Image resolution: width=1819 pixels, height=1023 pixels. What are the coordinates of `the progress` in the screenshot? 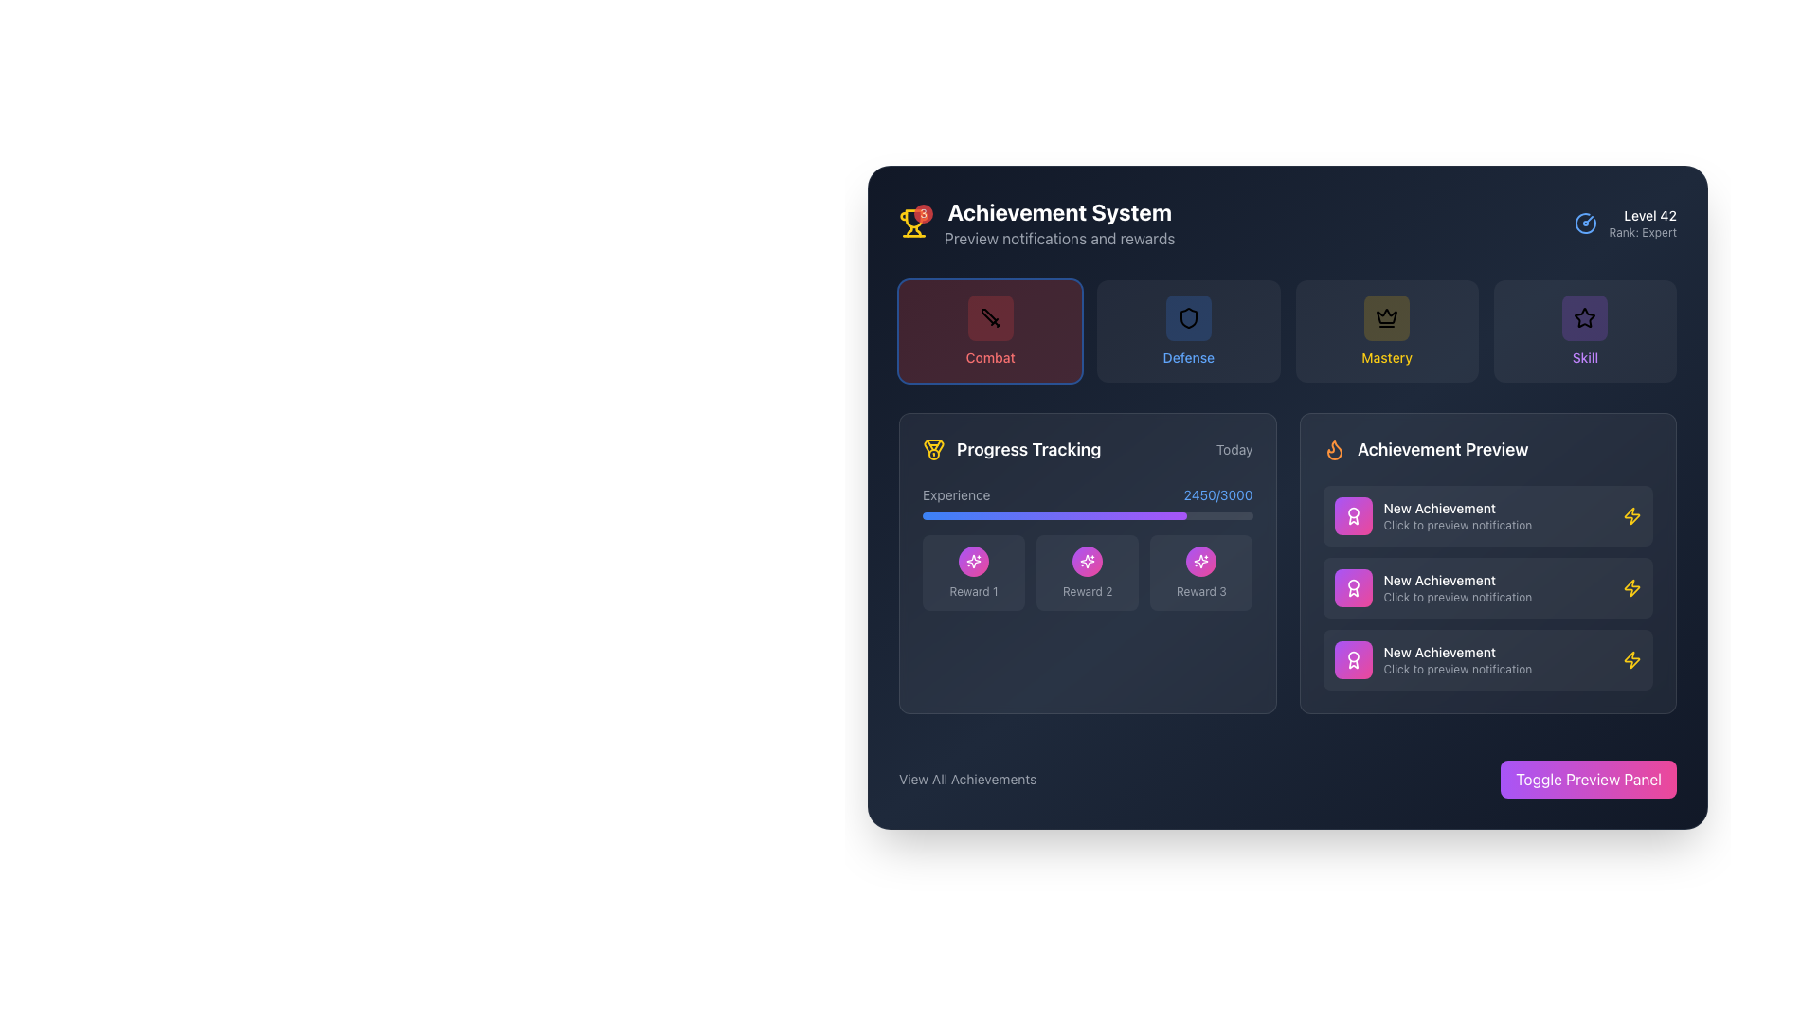 It's located at (1219, 515).